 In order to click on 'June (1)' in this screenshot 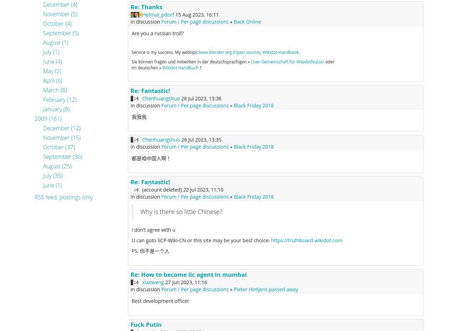, I will do `click(52, 185)`.